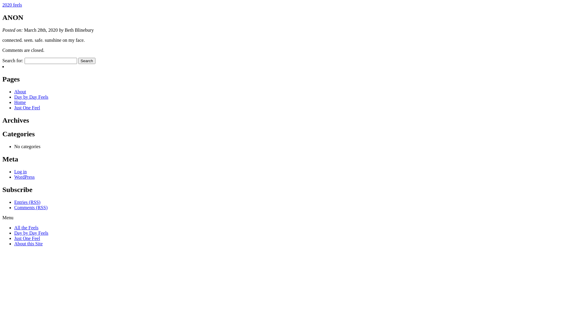  Describe the element at coordinates (31, 207) in the screenshot. I see `'Comments (RSS)'` at that location.